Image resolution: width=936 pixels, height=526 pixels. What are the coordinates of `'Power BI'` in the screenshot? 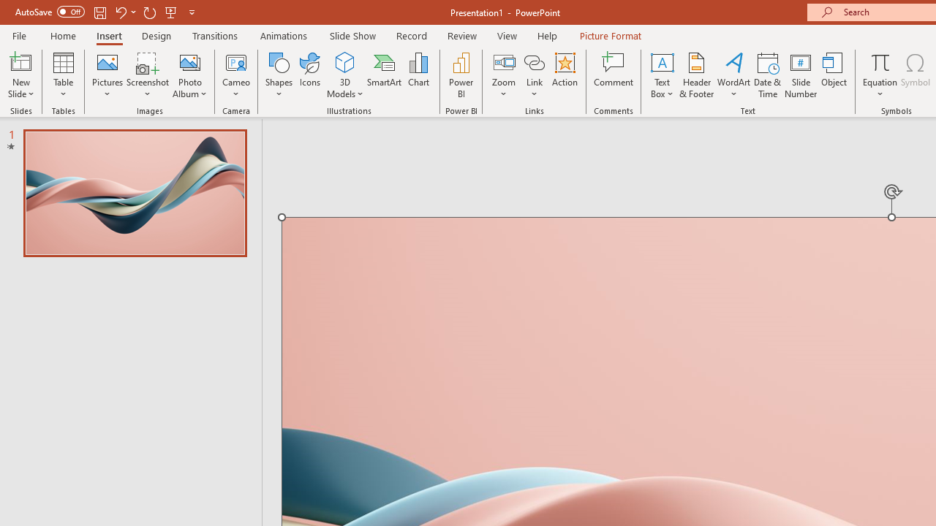 It's located at (461, 75).